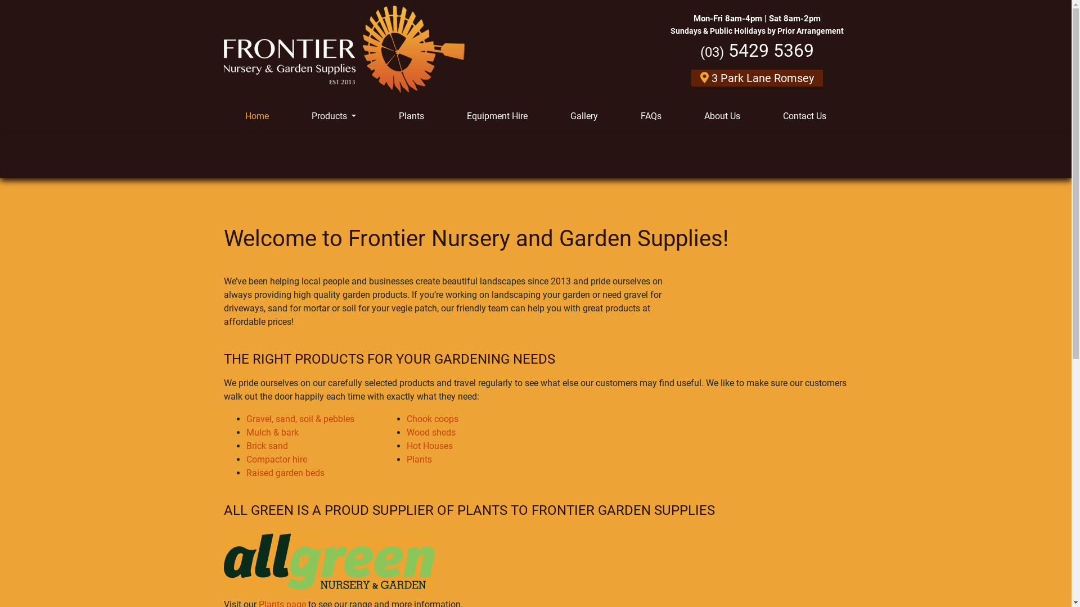 The height and width of the screenshot is (607, 1080). What do you see at coordinates (405, 459) in the screenshot?
I see `'Plants'` at bounding box center [405, 459].